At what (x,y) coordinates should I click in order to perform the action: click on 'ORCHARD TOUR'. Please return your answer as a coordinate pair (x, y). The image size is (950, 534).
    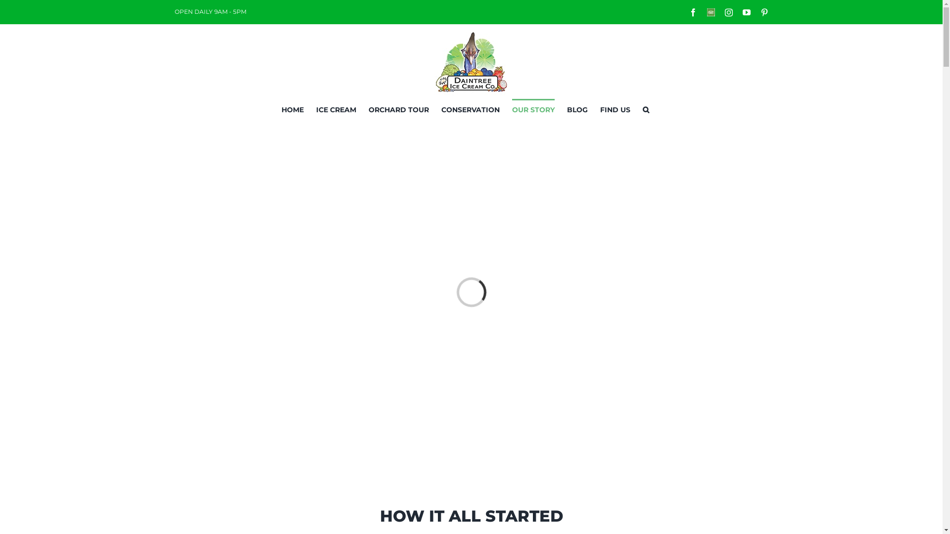
    Looking at the image, I should click on (398, 108).